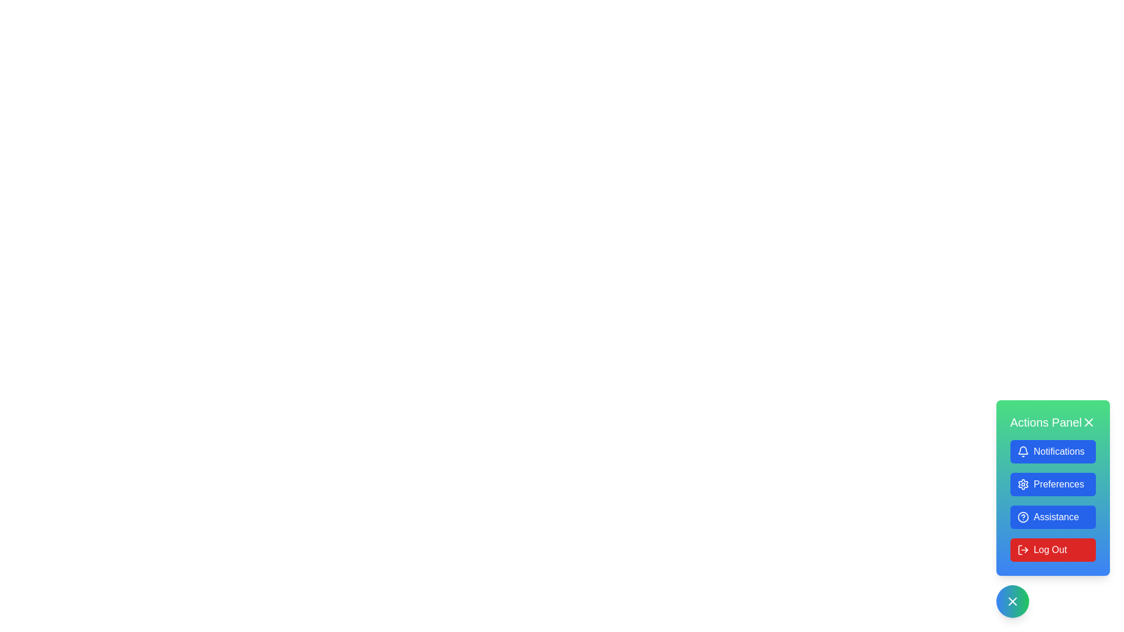  What do you see at coordinates (1022, 485) in the screenshot?
I see `on the gear icon representing the 'Preferences' functionality, located` at bounding box center [1022, 485].